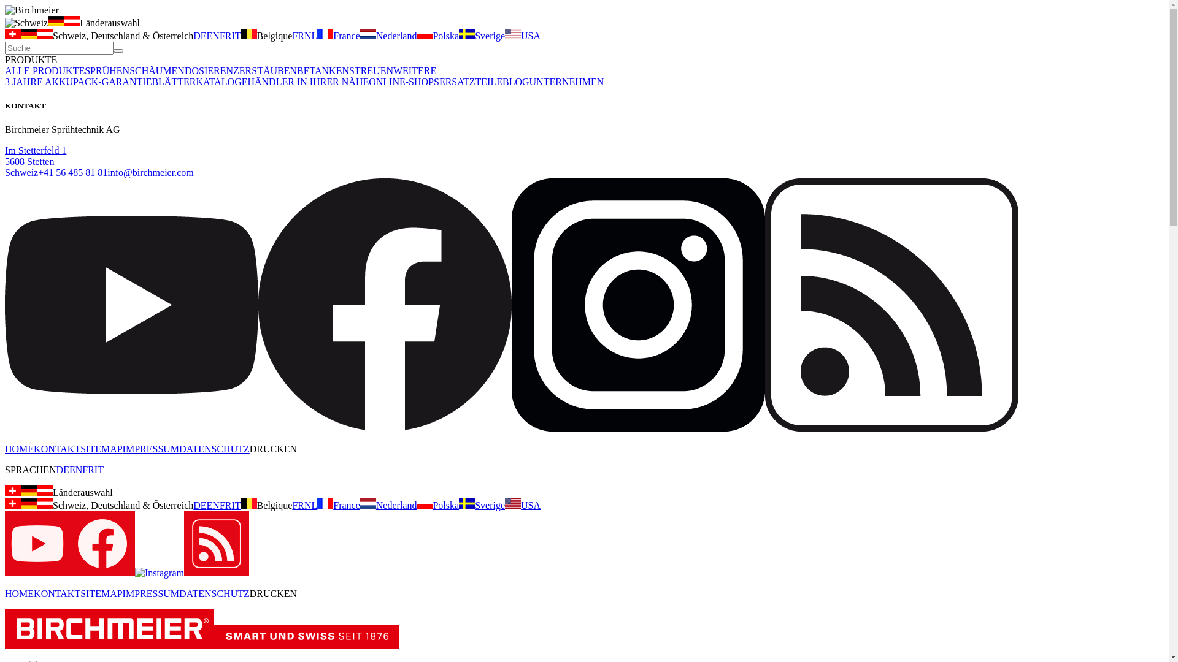 This screenshot has width=1178, height=662. What do you see at coordinates (415, 70) in the screenshot?
I see `'WEITERE'` at bounding box center [415, 70].